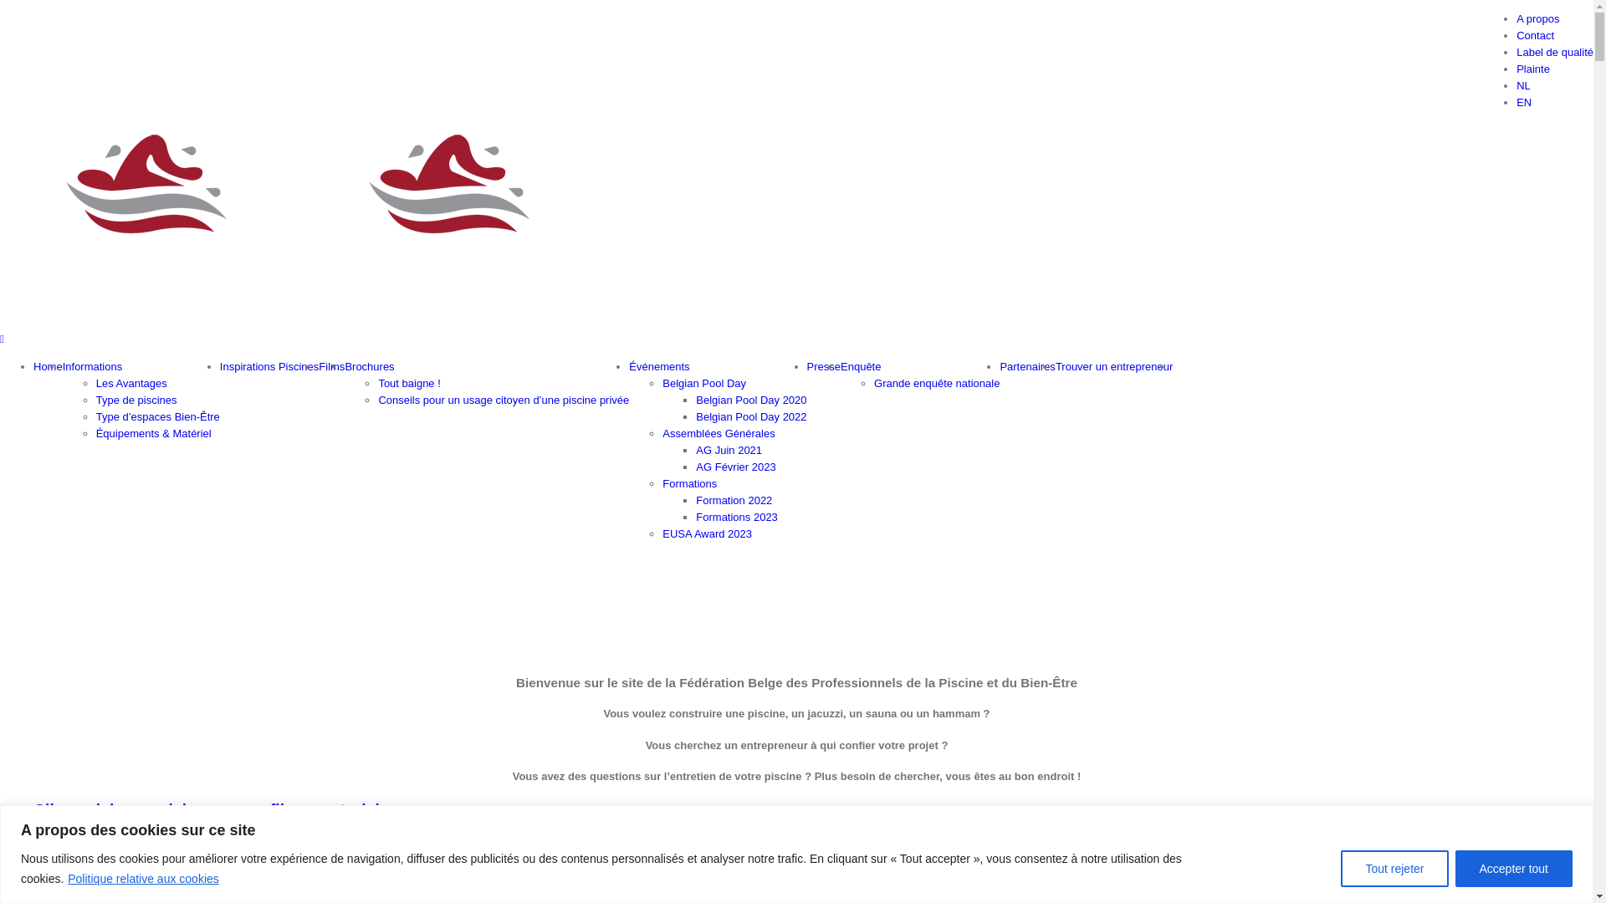 Image resolution: width=1606 pixels, height=903 pixels. Describe the element at coordinates (1533, 68) in the screenshot. I see `'Plainte'` at that location.